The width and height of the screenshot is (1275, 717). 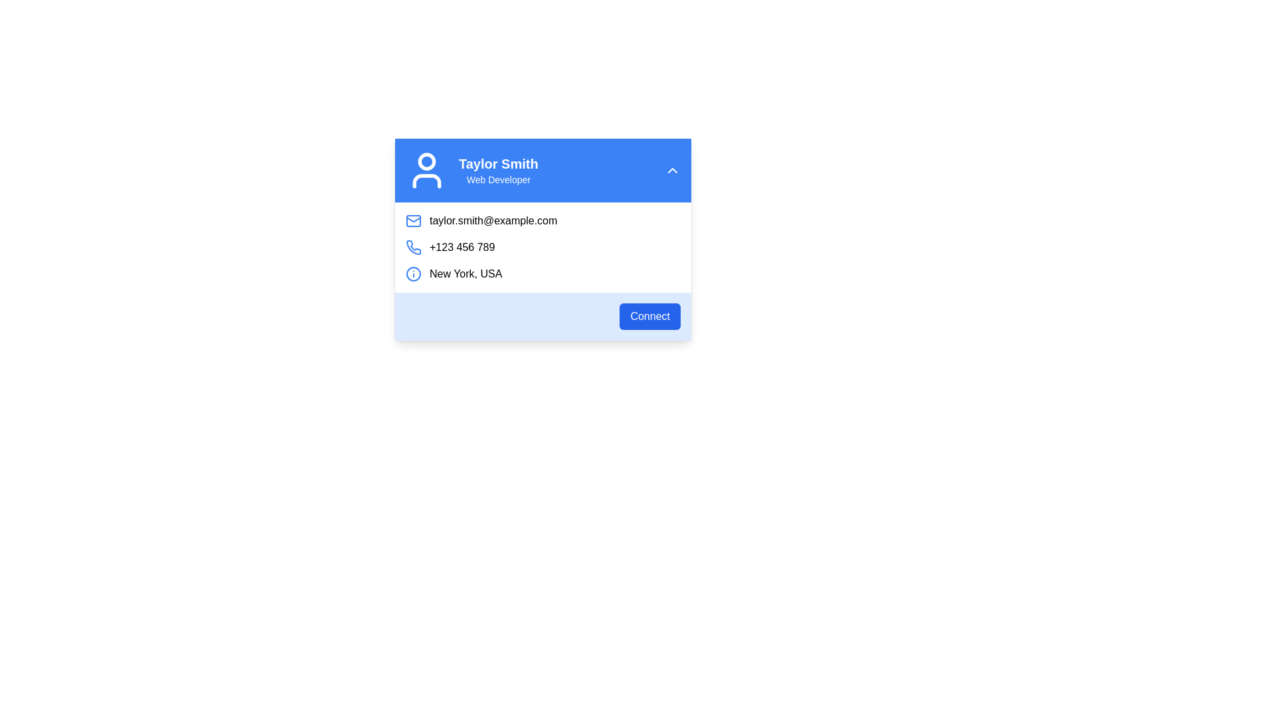 I want to click on the envelope-shaped icon with a blue outer border and white interior, located to the left of the email address 'taylor.smith@example.com', so click(x=413, y=220).